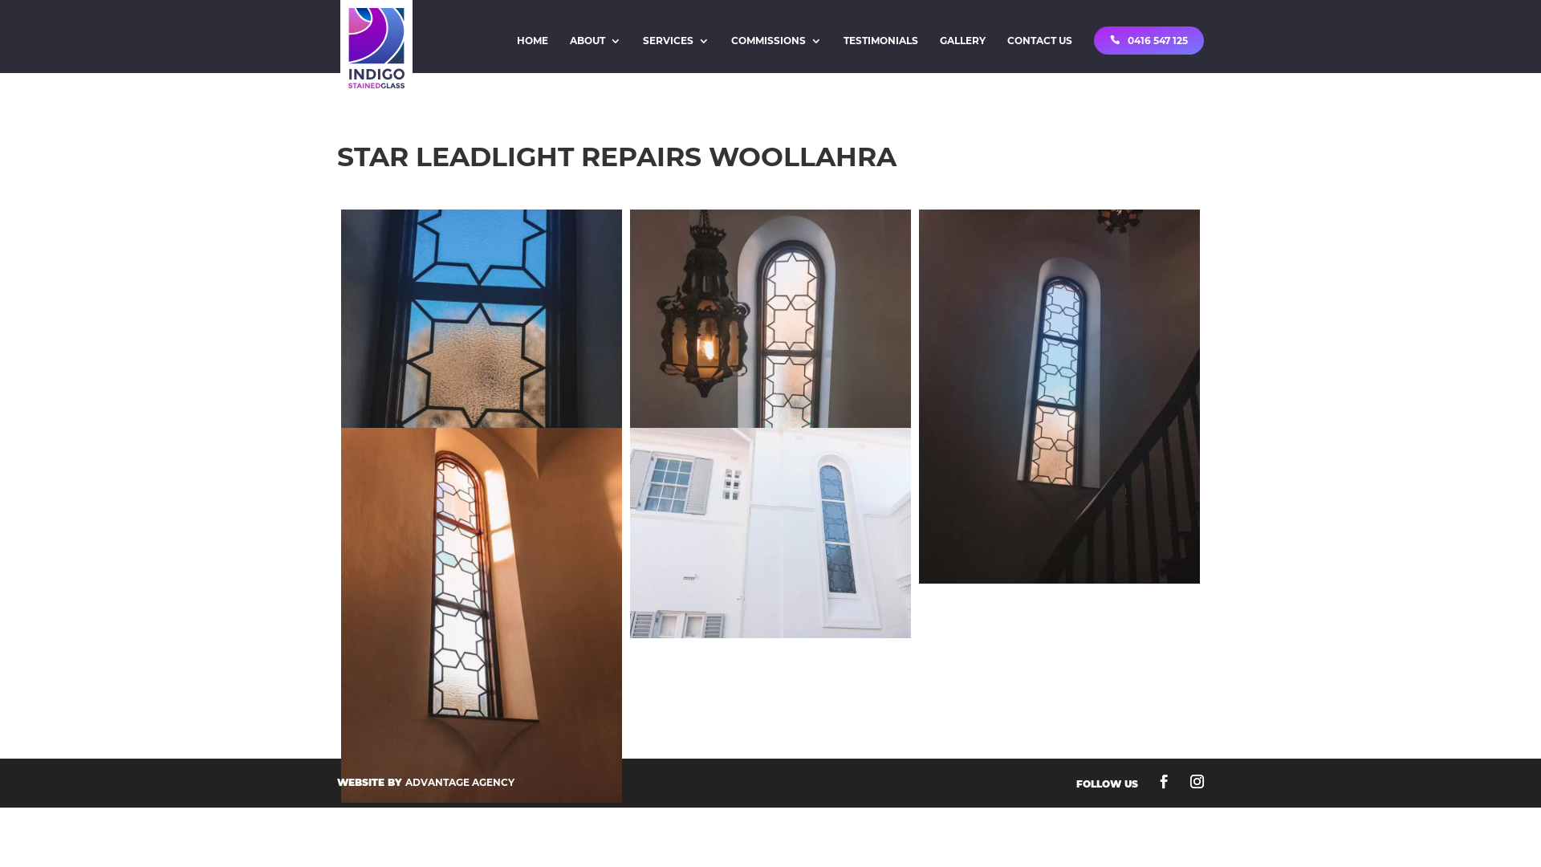 The image size is (1541, 867). Describe the element at coordinates (458, 781) in the screenshot. I see `'ADVANTAGE AGENCY'` at that location.